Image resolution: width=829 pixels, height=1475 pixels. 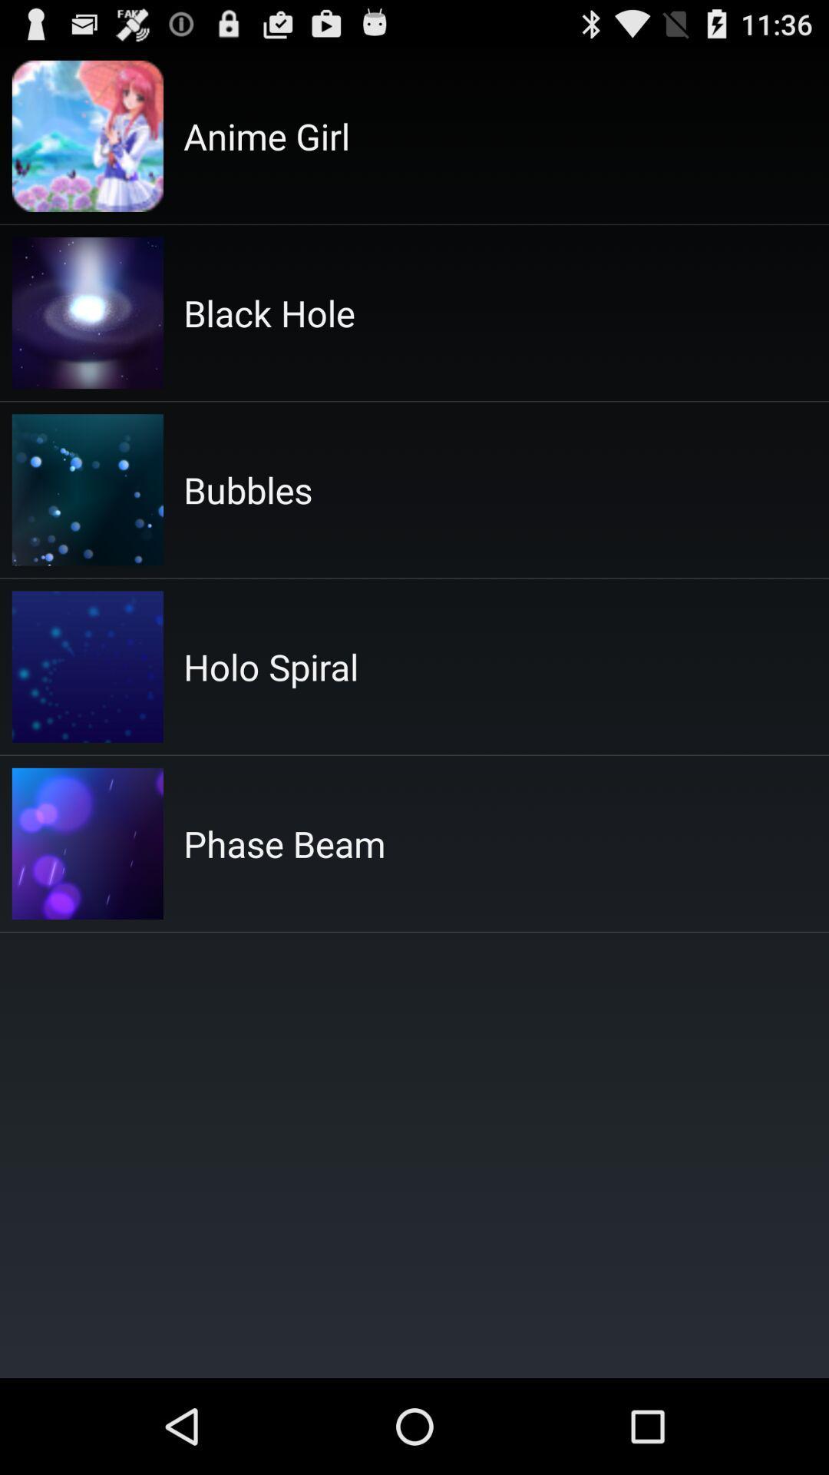 I want to click on the app at the center, so click(x=284, y=843).